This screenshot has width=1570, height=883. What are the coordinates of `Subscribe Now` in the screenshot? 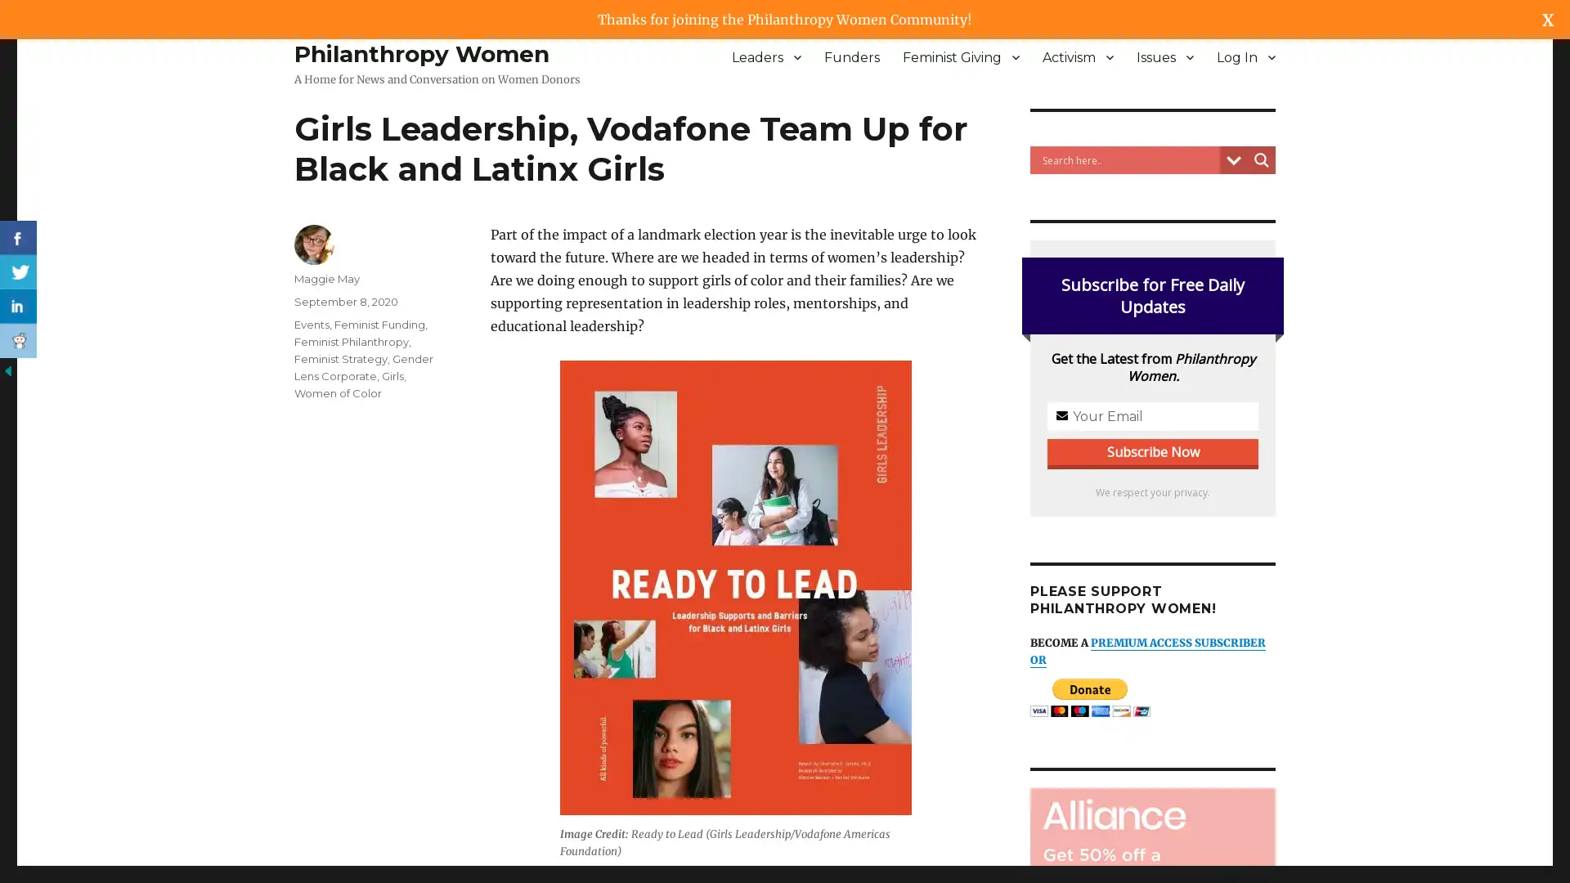 It's located at (785, 473).